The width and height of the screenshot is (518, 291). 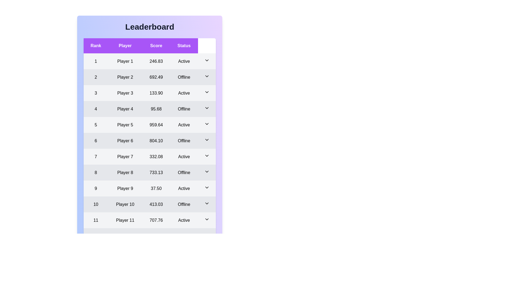 What do you see at coordinates (184, 45) in the screenshot?
I see `the column header Status to sort the leaderboard` at bounding box center [184, 45].